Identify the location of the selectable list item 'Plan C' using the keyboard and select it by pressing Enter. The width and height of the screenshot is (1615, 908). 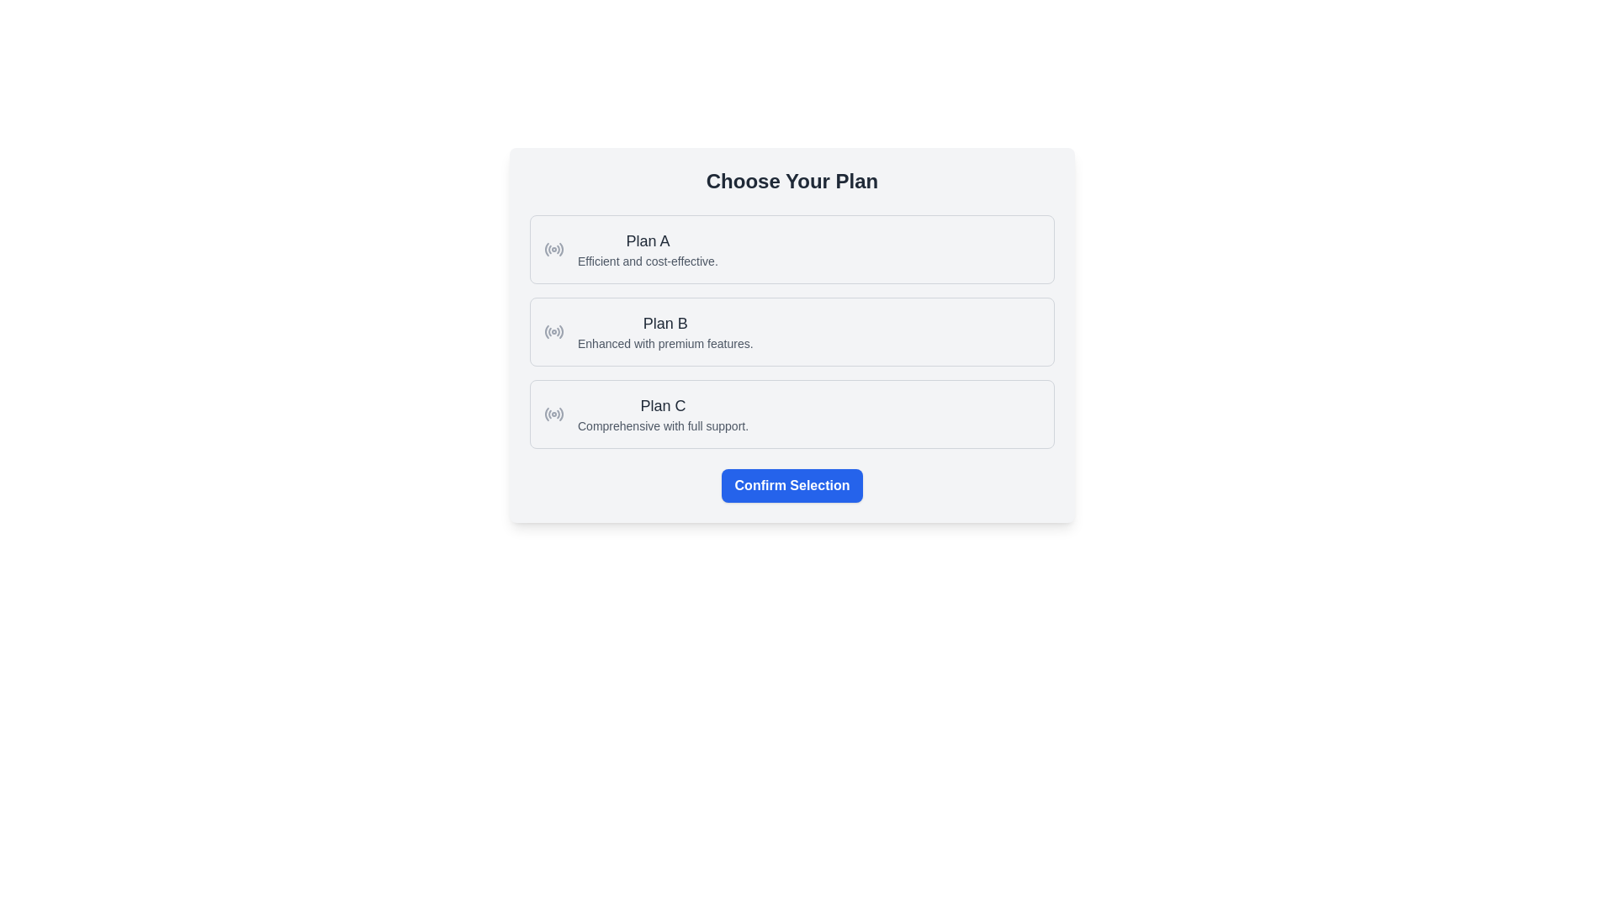
(791, 414).